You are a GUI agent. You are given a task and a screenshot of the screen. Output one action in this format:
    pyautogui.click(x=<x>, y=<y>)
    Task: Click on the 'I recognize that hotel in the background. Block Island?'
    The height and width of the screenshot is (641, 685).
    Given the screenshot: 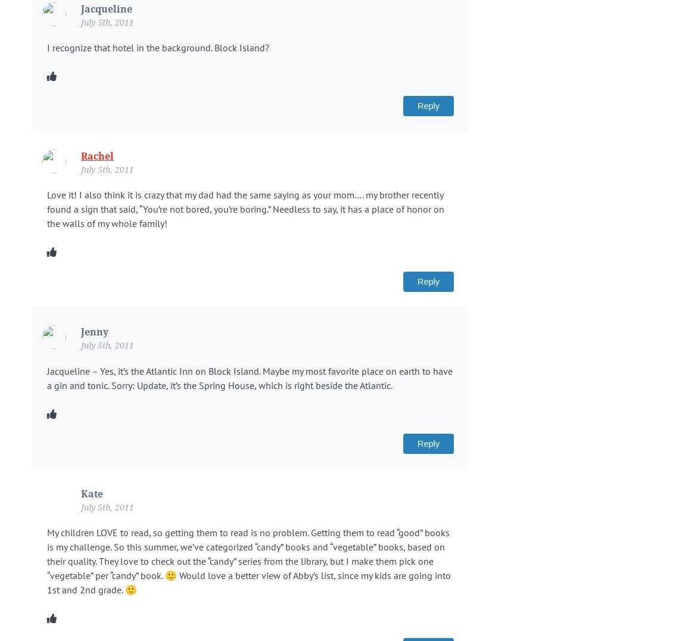 What is the action you would take?
    pyautogui.click(x=46, y=47)
    